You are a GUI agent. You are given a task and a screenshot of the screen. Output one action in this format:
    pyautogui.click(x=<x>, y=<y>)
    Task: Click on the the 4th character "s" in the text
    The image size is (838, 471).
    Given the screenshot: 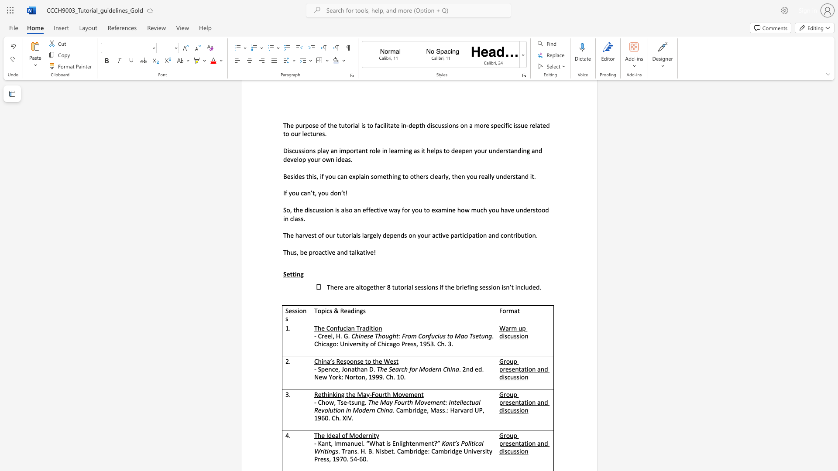 What is the action you would take?
    pyautogui.click(x=518, y=451)
    